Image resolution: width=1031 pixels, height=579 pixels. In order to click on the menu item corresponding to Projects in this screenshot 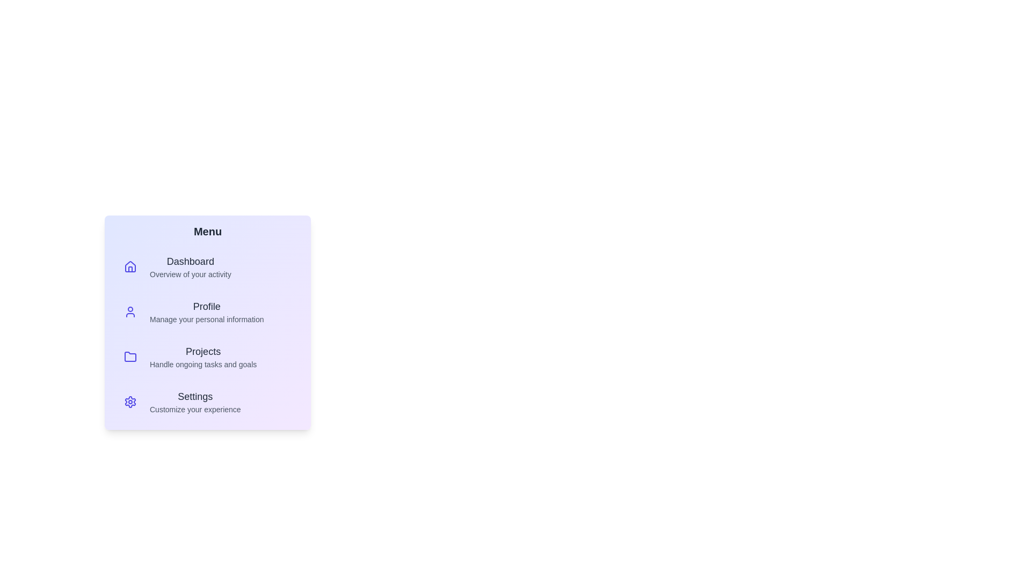, I will do `click(208, 357)`.